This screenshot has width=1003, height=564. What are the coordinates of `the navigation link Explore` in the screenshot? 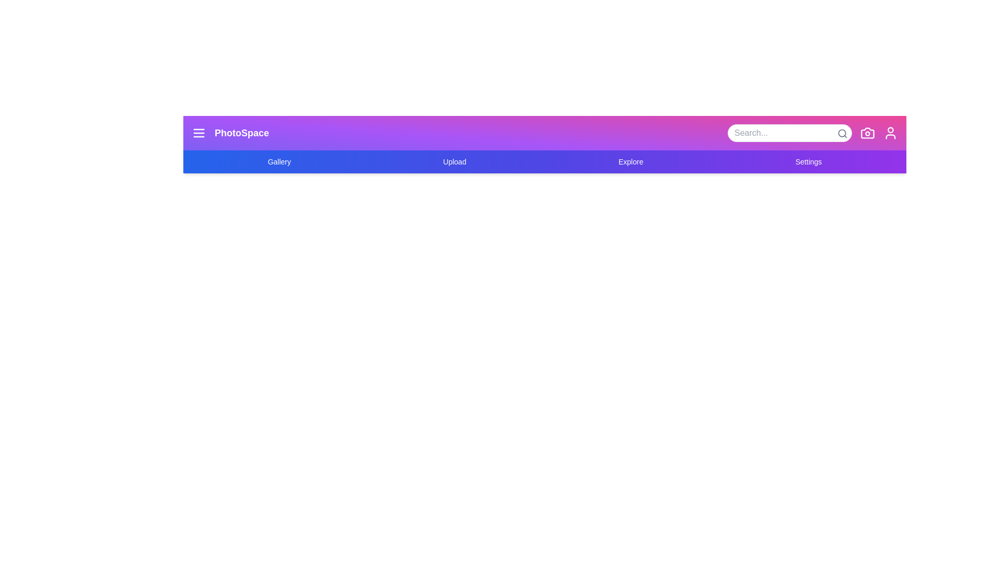 It's located at (629, 161).